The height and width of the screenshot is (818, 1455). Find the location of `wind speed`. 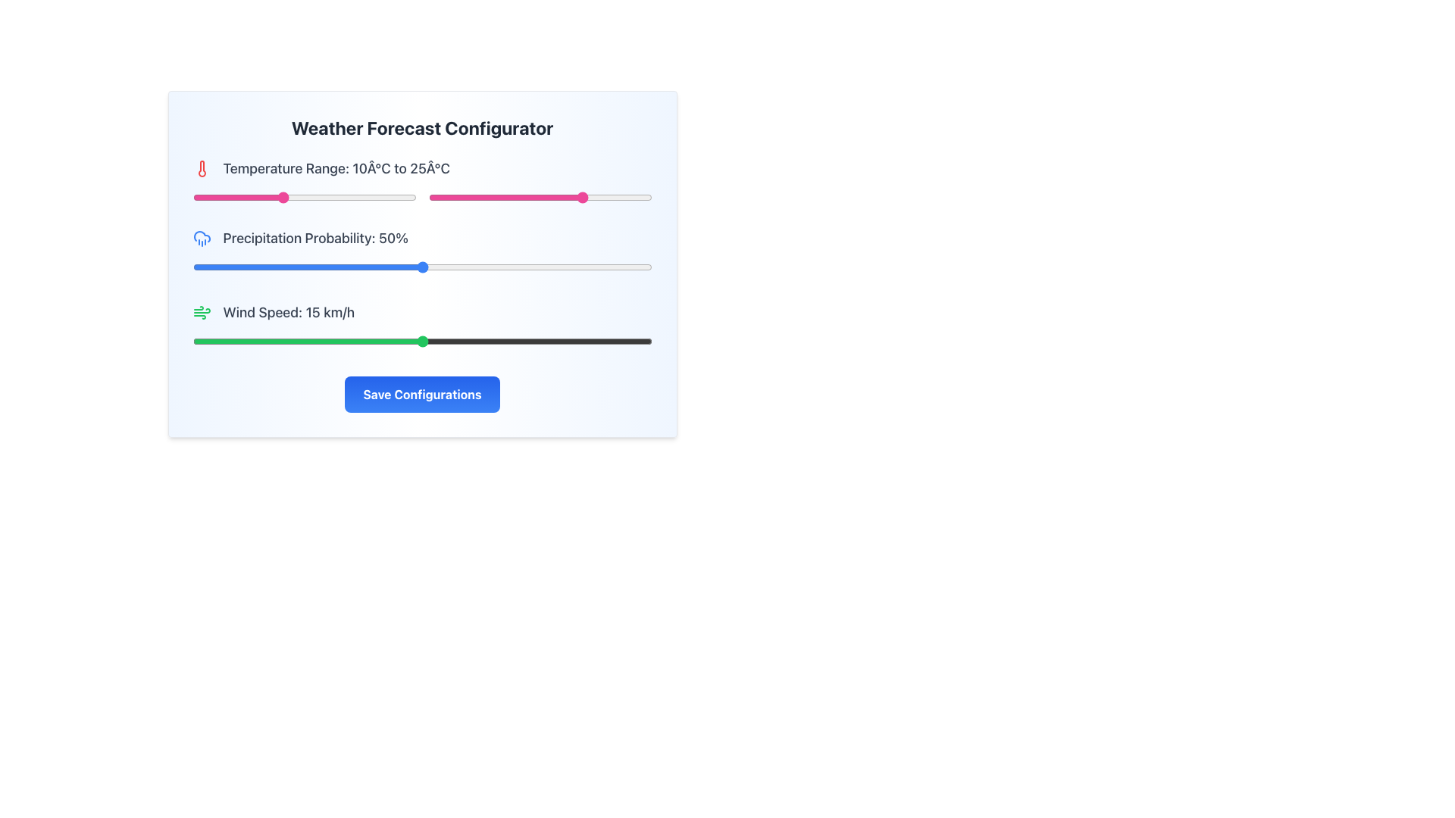

wind speed is located at coordinates (345, 342).